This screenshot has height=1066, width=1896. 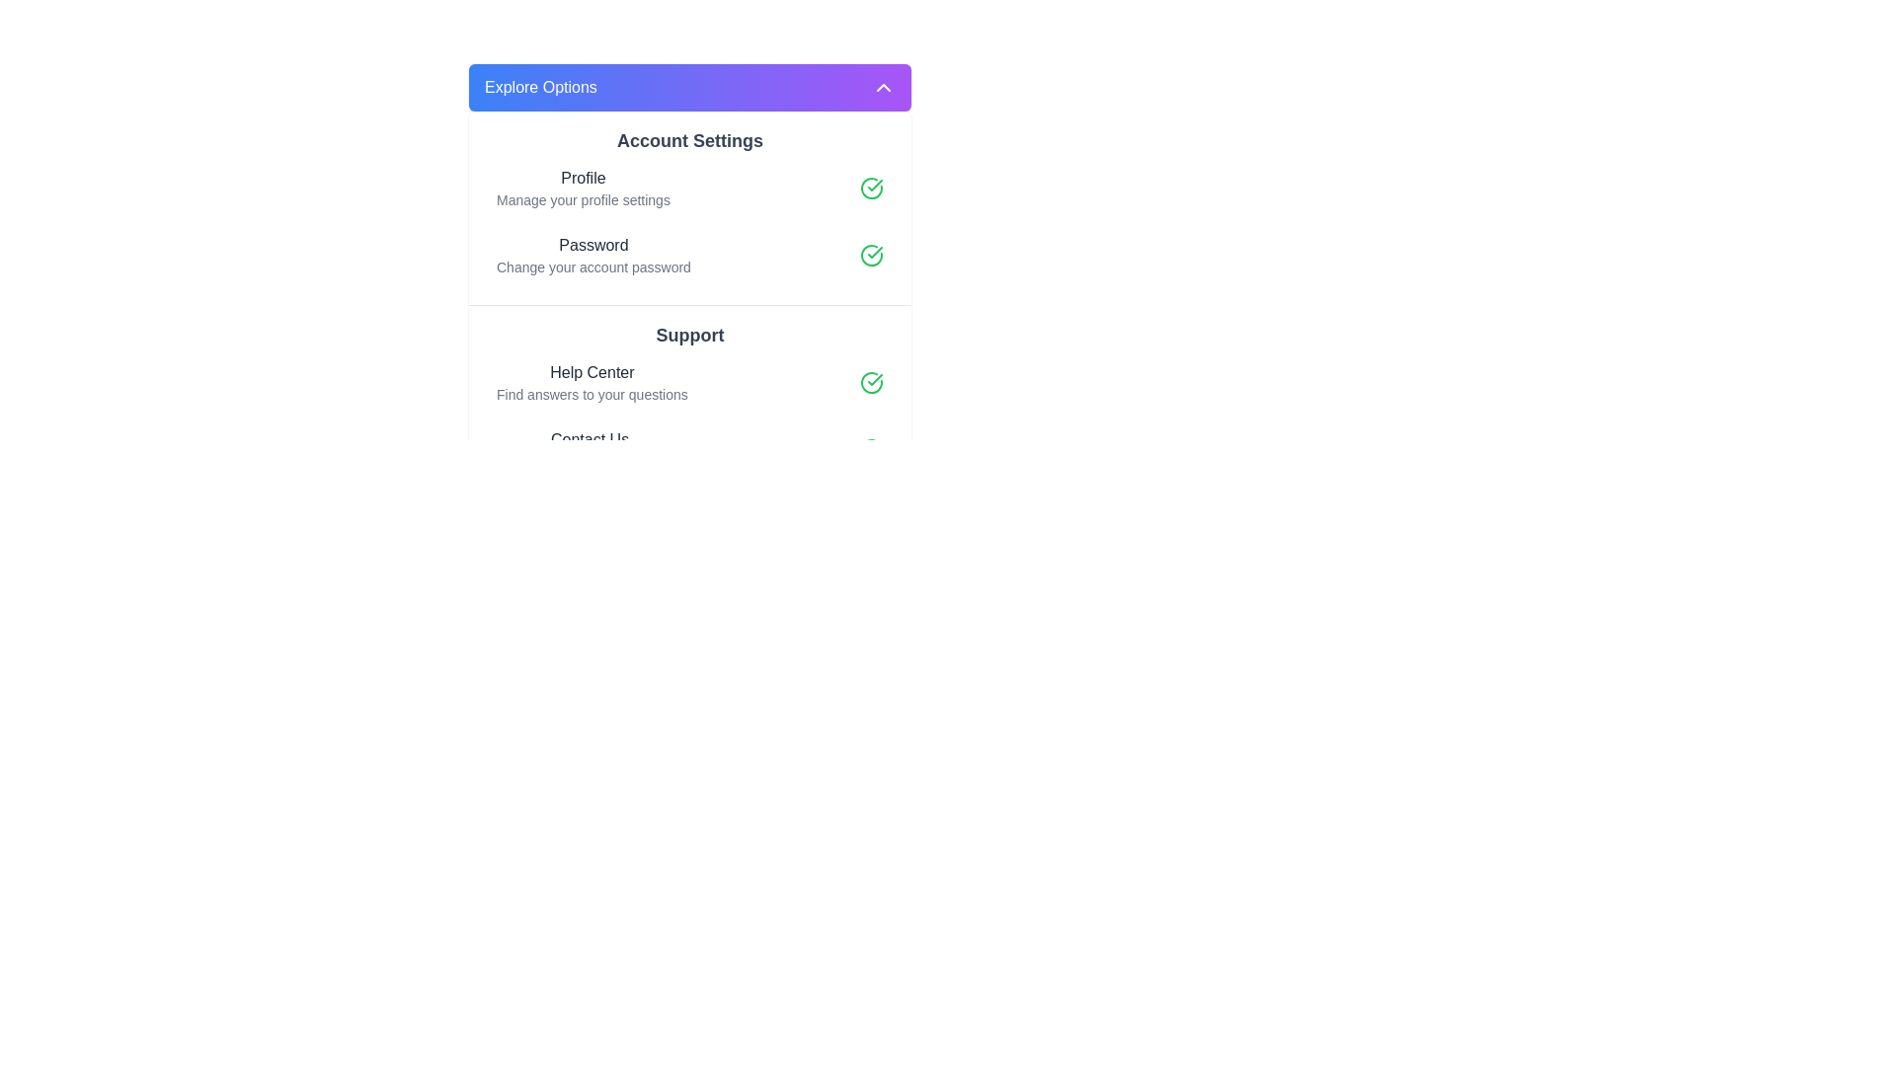 What do you see at coordinates (690, 401) in the screenshot?
I see `the 'Support' section of the Informational Section, which includes 'Help Center' and 'Contact Us' subsections, located below the 'Account Settings'` at bounding box center [690, 401].